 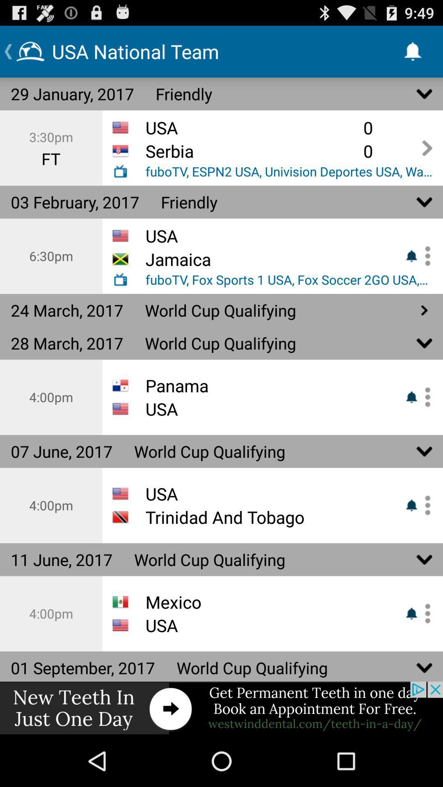 I want to click on more options, so click(x=425, y=397).